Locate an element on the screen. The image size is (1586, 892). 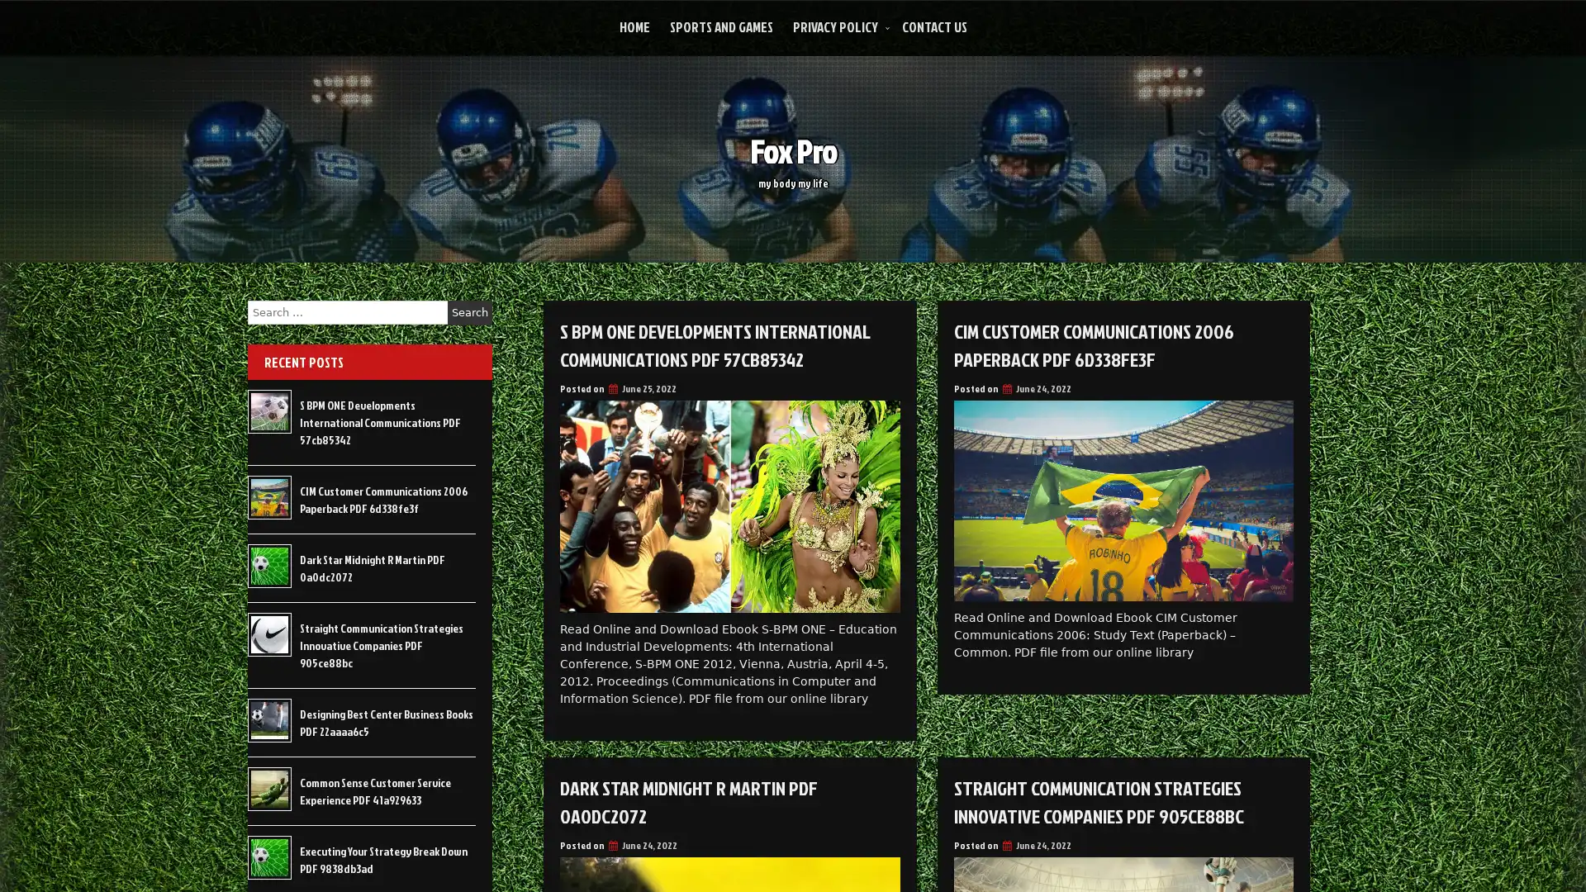
Search is located at coordinates (469, 312).